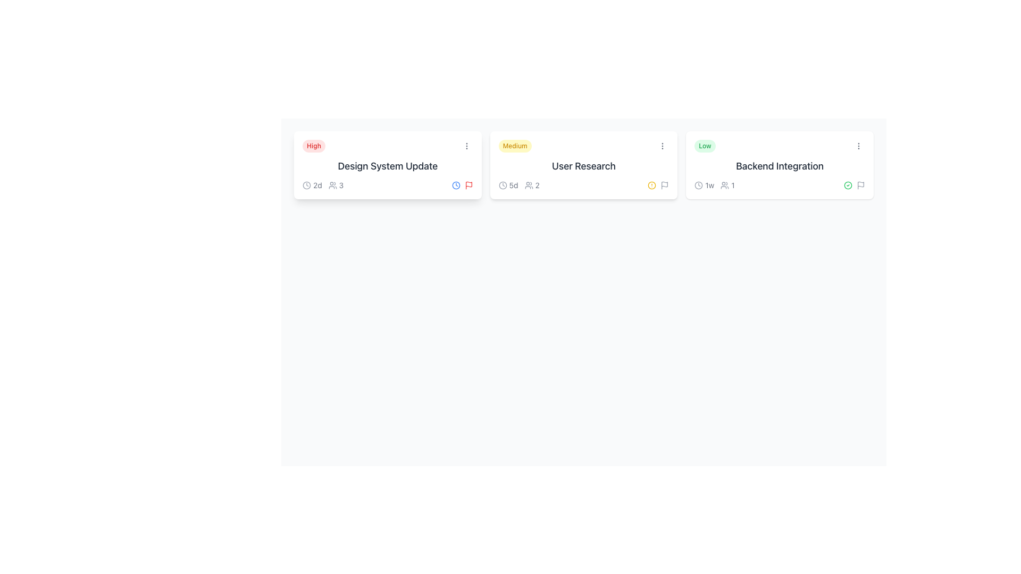 The width and height of the screenshot is (1021, 574). What do you see at coordinates (858, 146) in the screenshot?
I see `the options menu Icon button (vertical ellipsis) located at the top-right corner of the 'Backend Integration' card` at bounding box center [858, 146].